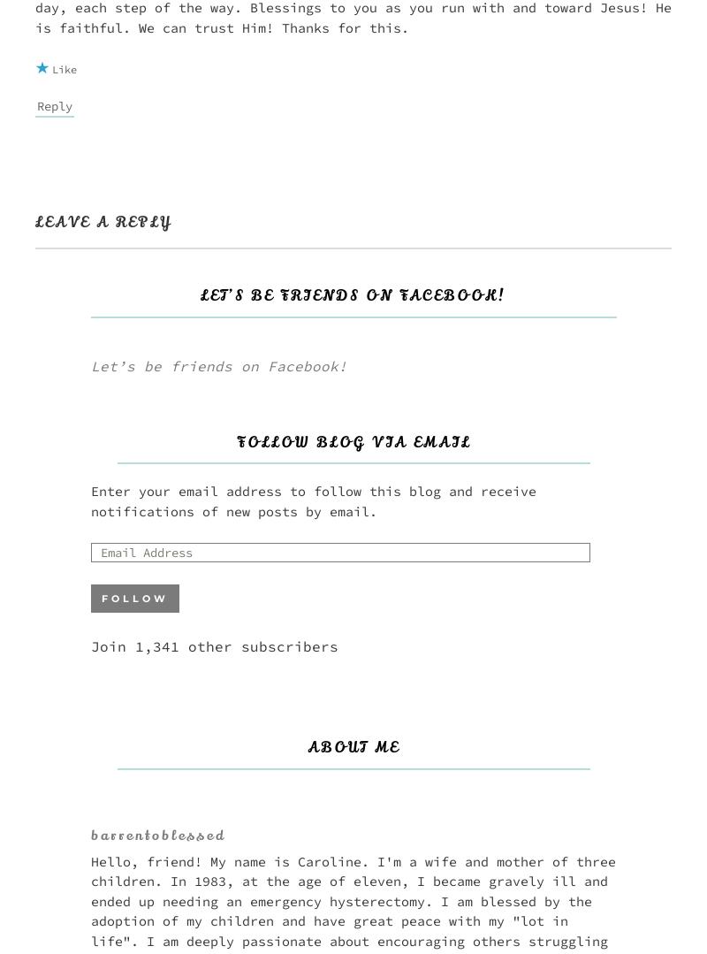 Image resolution: width=707 pixels, height=954 pixels. What do you see at coordinates (103, 222) in the screenshot?
I see `'Leave a Reply'` at bounding box center [103, 222].